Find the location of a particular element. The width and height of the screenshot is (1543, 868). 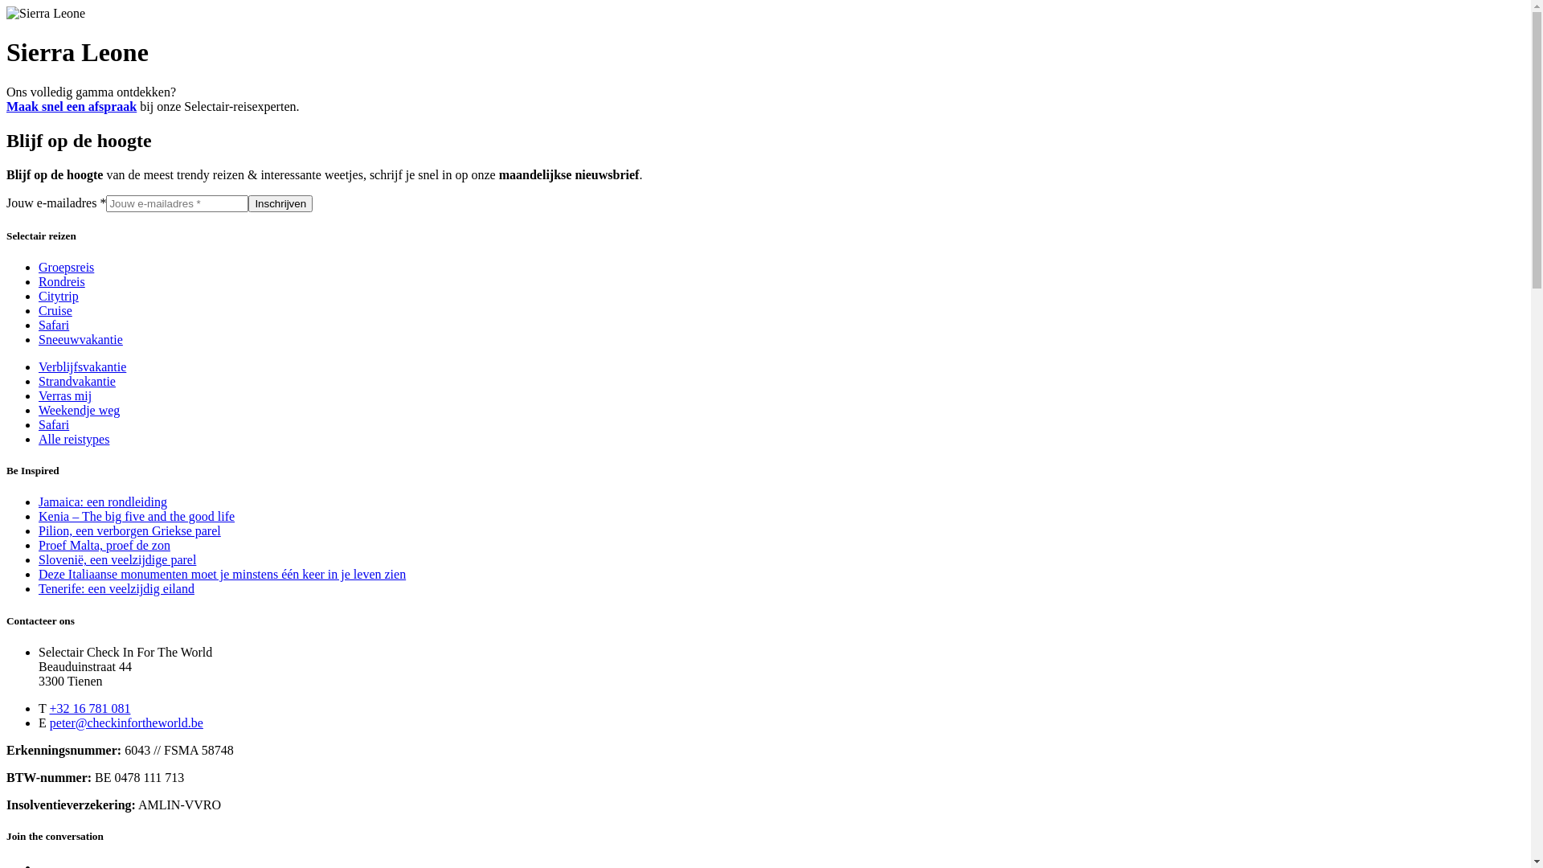

'Citytrip' is located at coordinates (58, 296).